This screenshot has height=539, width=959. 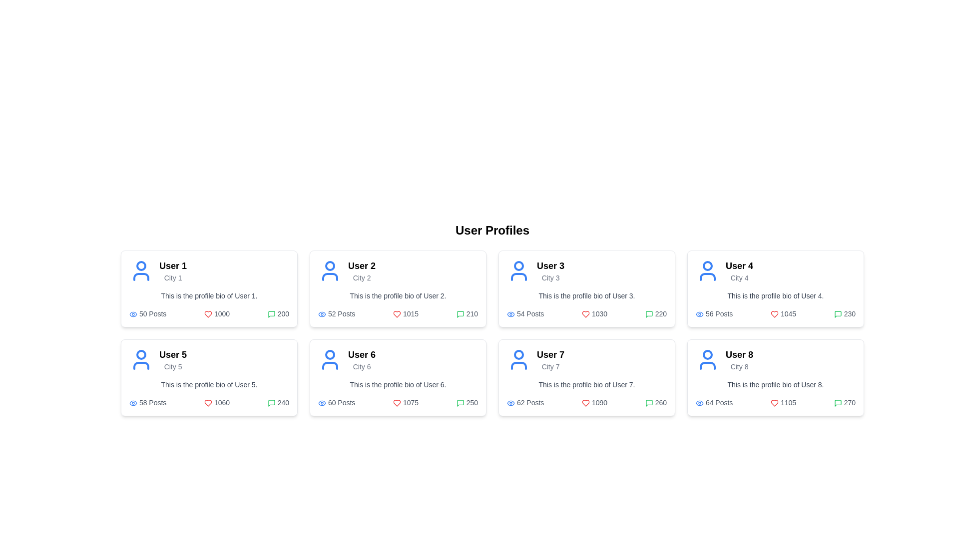 I want to click on the heart-shaped red icon next to the numeric counter '1045' in the profile card for 'User 4', located in the top-right corner of the grid layout, so click(x=774, y=314).